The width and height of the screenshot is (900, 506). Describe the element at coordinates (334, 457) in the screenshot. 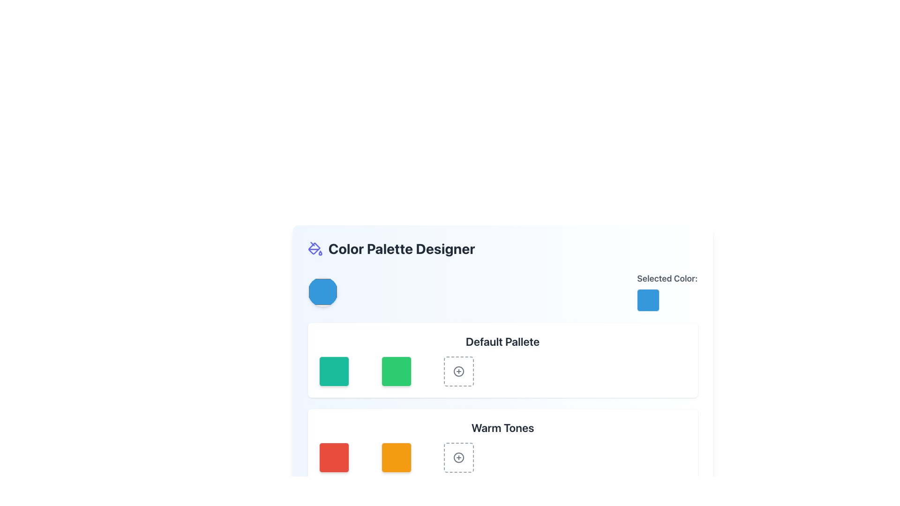

I see `the red color swatch with rounded corners located in the 'Warm Tones' section` at that location.